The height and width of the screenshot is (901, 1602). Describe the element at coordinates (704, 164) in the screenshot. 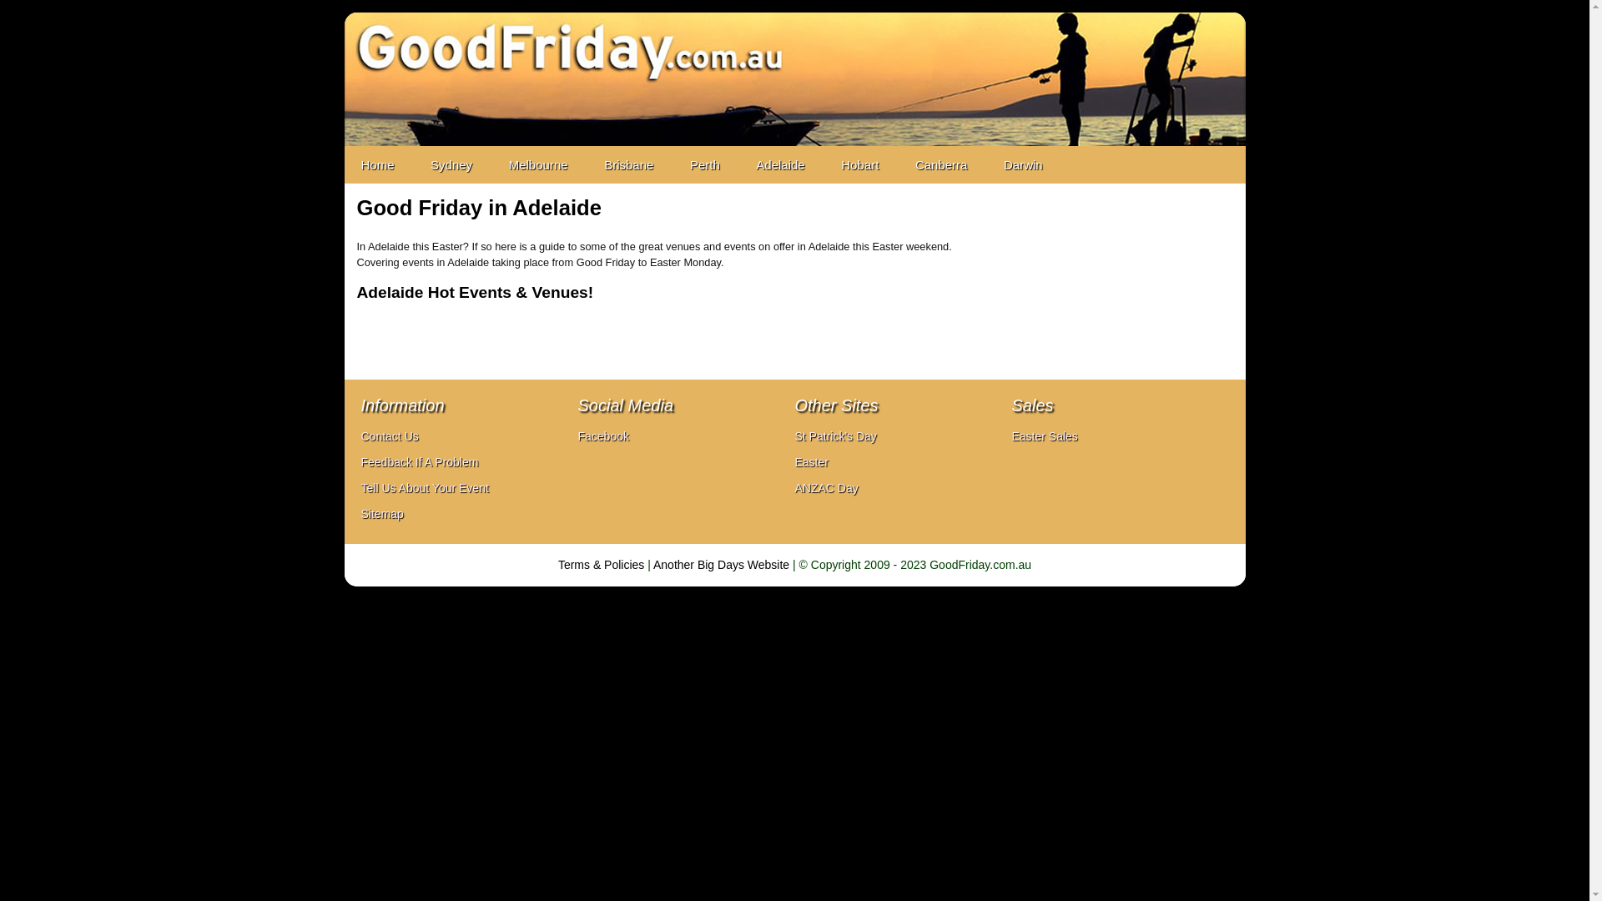

I see `'Perth'` at that location.